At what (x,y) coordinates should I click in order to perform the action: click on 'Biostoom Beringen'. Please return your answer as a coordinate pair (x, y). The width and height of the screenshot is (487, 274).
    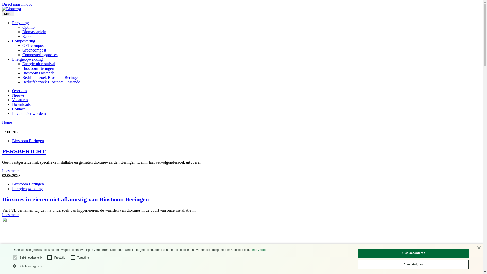
    Looking at the image, I should click on (28, 184).